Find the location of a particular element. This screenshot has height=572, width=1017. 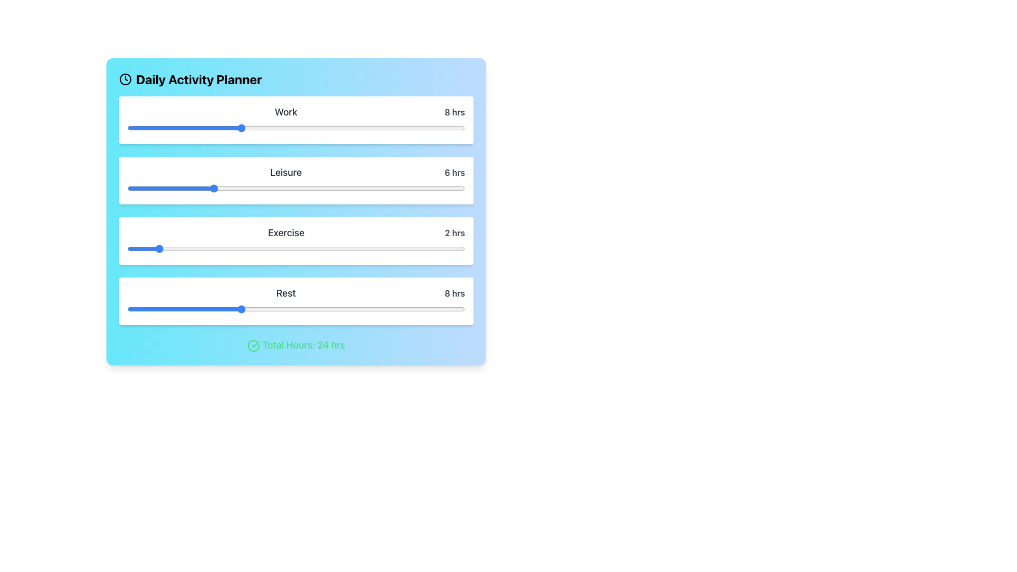

the 'Rest' hours is located at coordinates (239, 309).